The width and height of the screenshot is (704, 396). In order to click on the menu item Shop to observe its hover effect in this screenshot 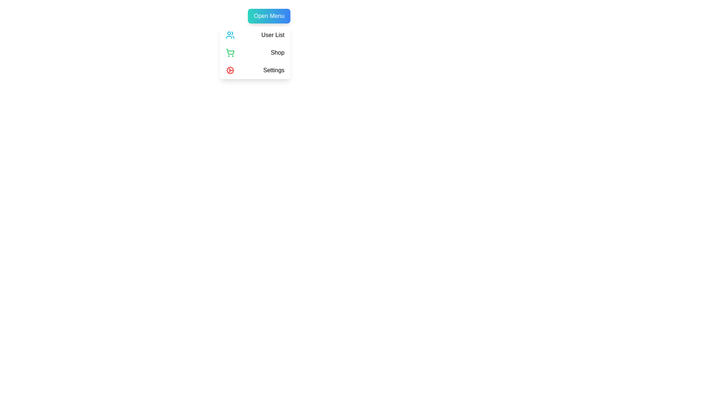, I will do `click(255, 52)`.